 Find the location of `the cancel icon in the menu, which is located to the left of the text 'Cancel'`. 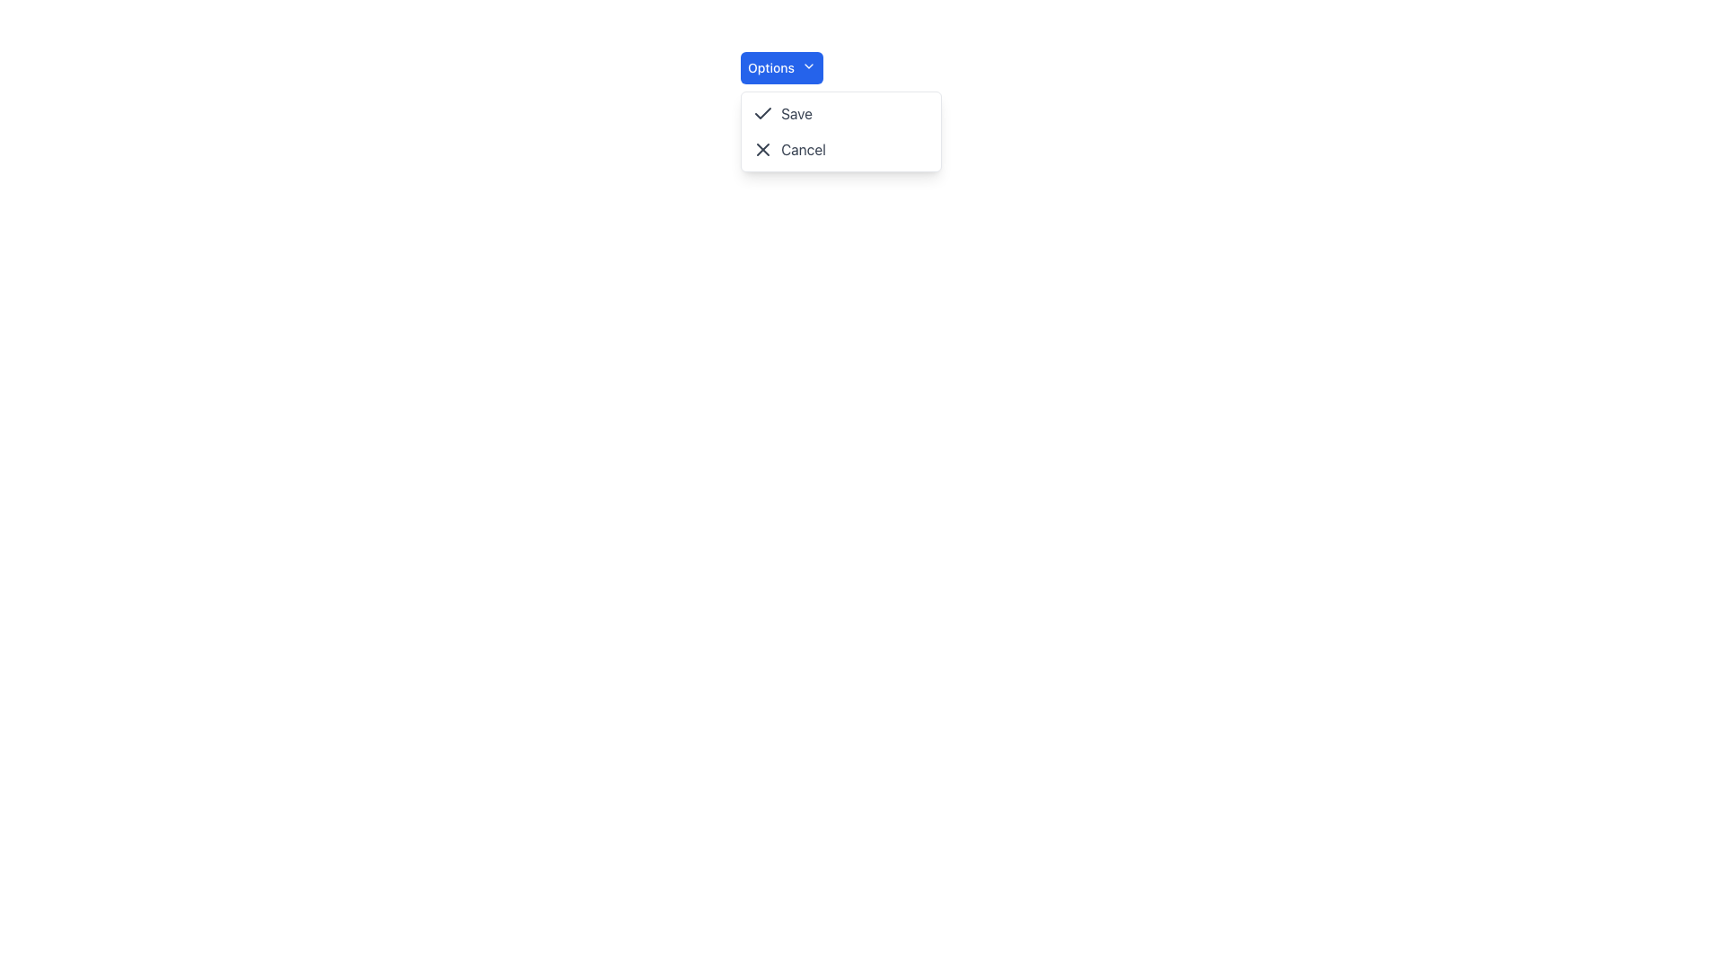

the cancel icon in the menu, which is located to the left of the text 'Cancel' is located at coordinates (763, 148).